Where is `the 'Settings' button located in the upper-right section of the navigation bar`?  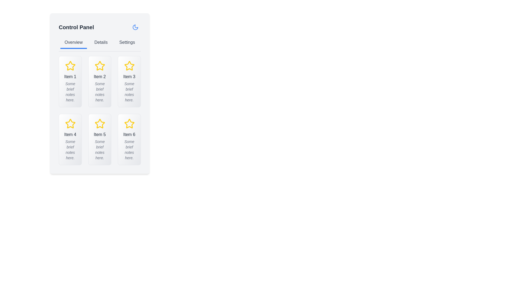 the 'Settings' button located in the upper-right section of the navigation bar is located at coordinates (127, 42).